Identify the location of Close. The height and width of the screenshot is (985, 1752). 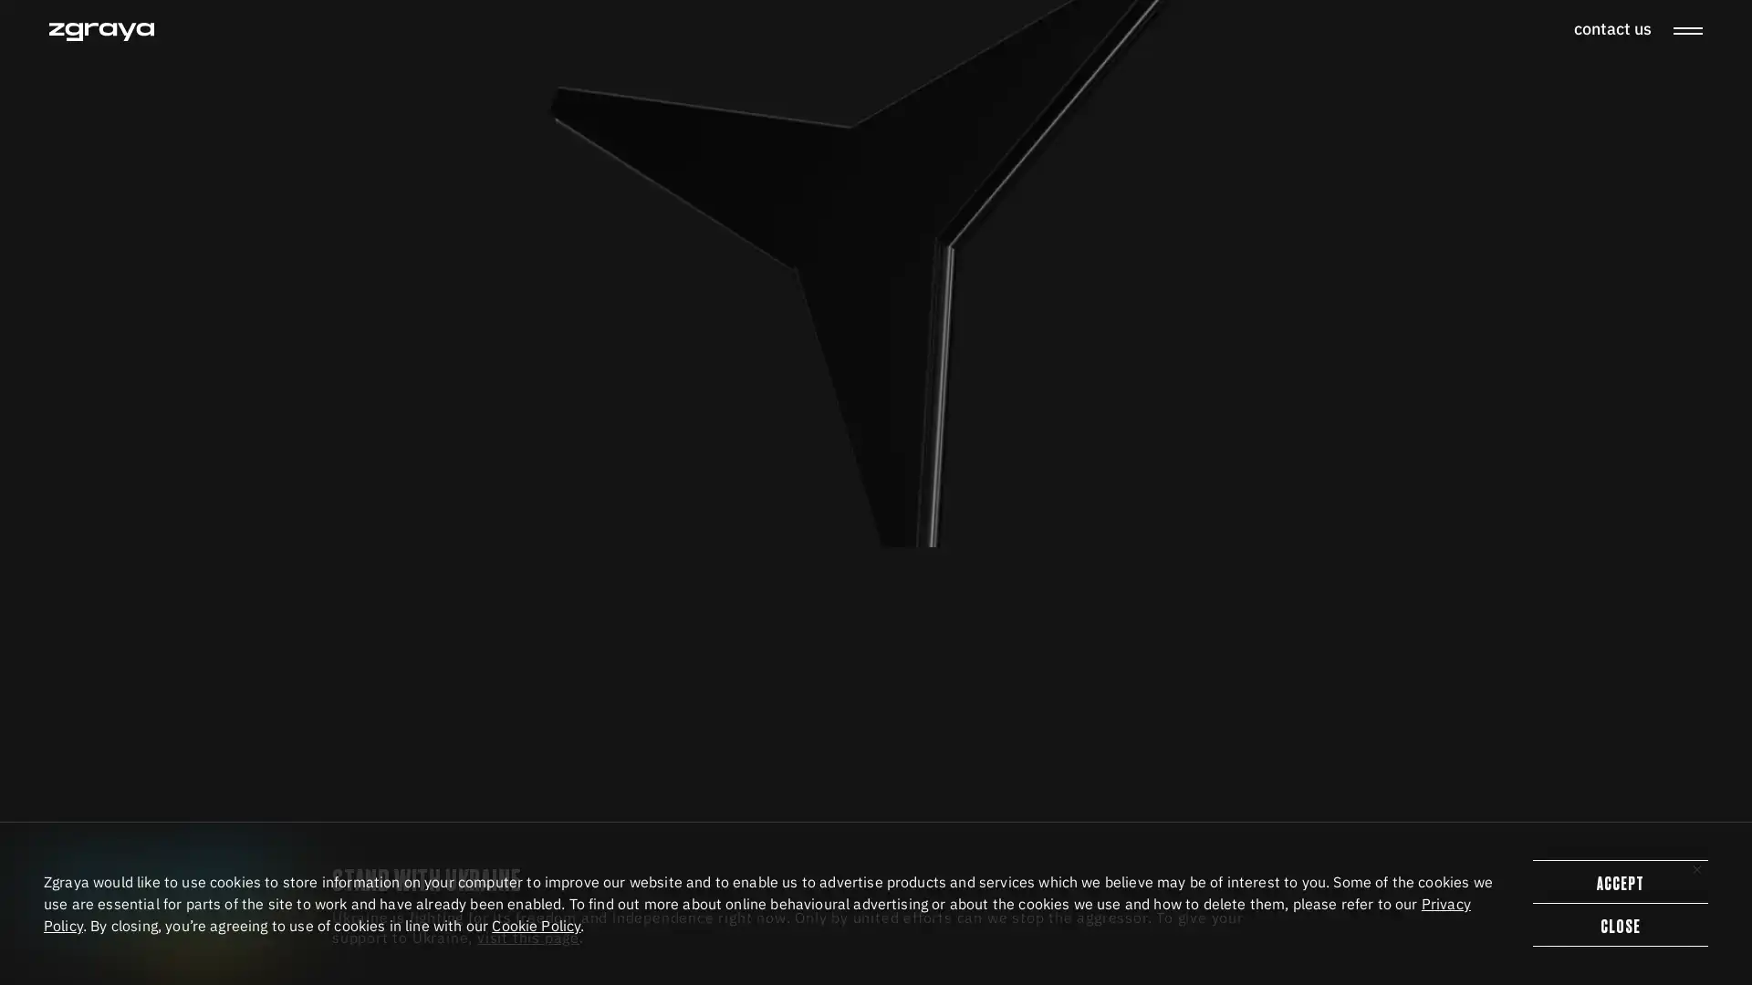
(1696, 867).